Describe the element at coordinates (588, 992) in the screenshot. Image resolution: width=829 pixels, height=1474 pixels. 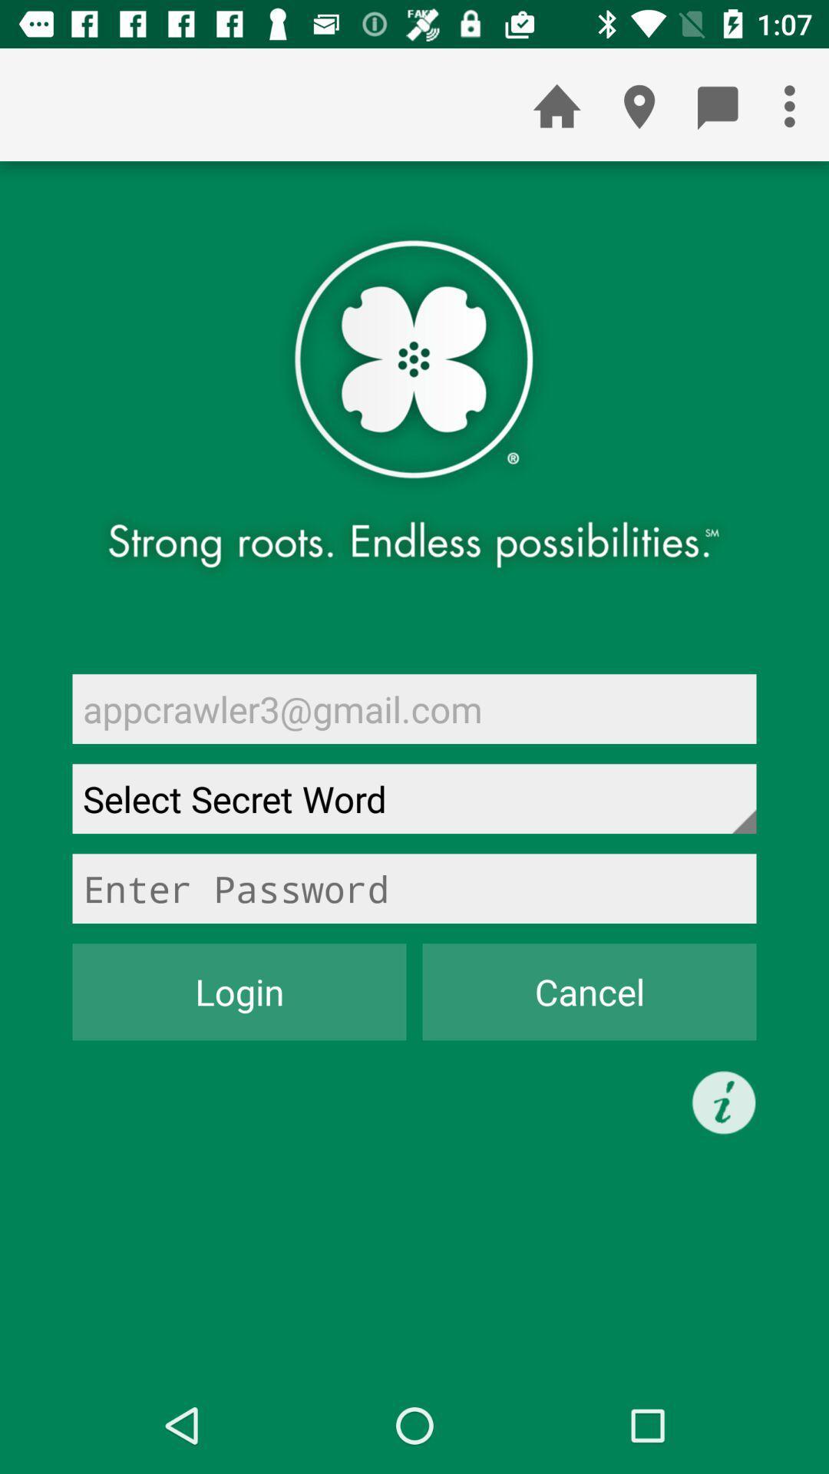
I see `icon to the right of the login` at that location.